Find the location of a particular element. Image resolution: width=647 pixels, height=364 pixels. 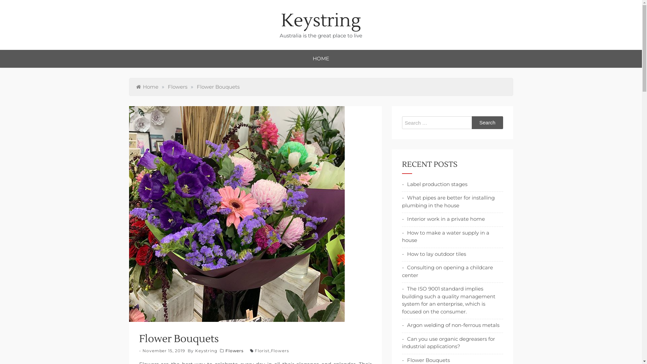

'Argon welding of non-ferrous metals' is located at coordinates (450, 325).